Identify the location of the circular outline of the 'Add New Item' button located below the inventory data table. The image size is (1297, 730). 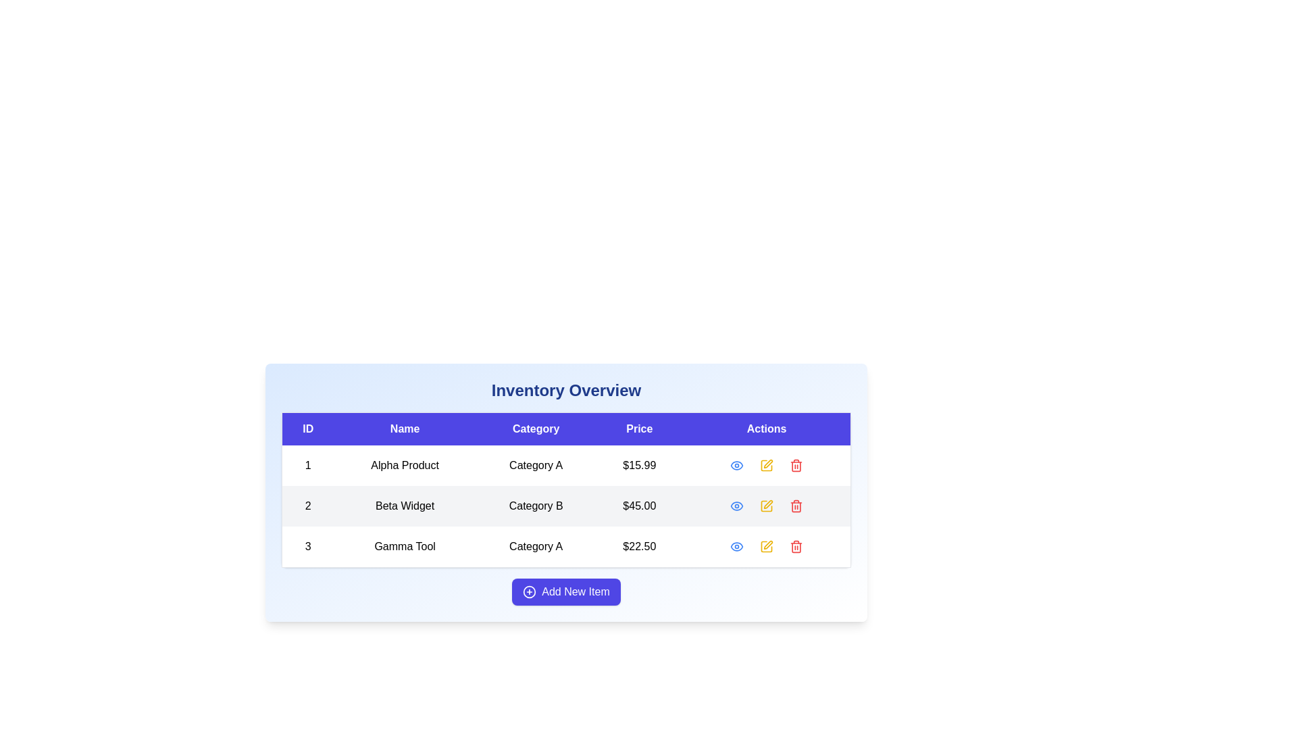
(529, 591).